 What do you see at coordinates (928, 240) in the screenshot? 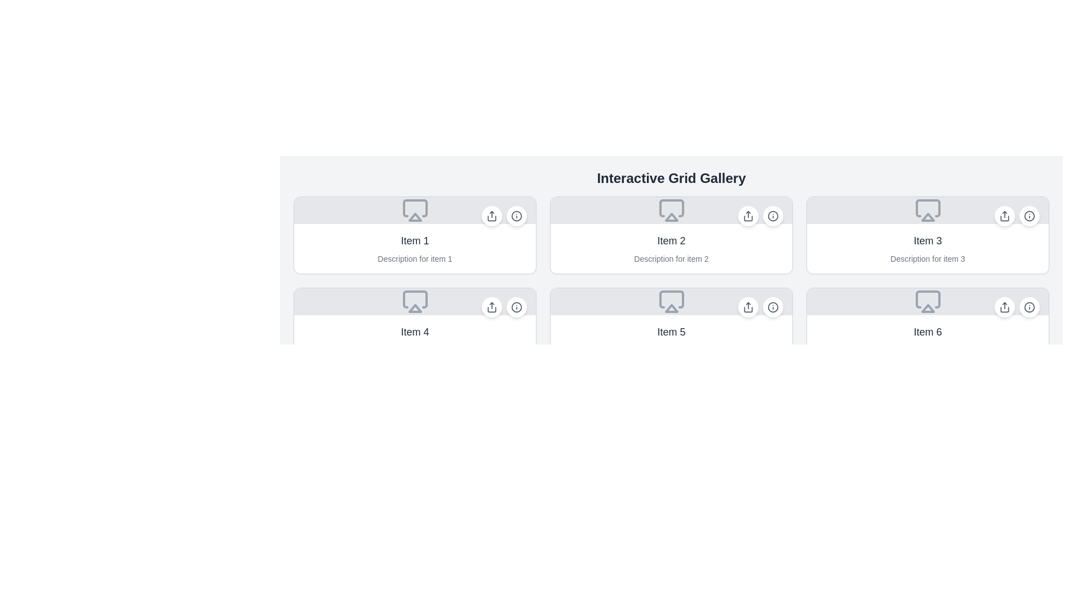
I see `the text label displaying 'Item 3', which is located in the rightmost column of the first row in a grid layout, above its sibling description` at bounding box center [928, 240].